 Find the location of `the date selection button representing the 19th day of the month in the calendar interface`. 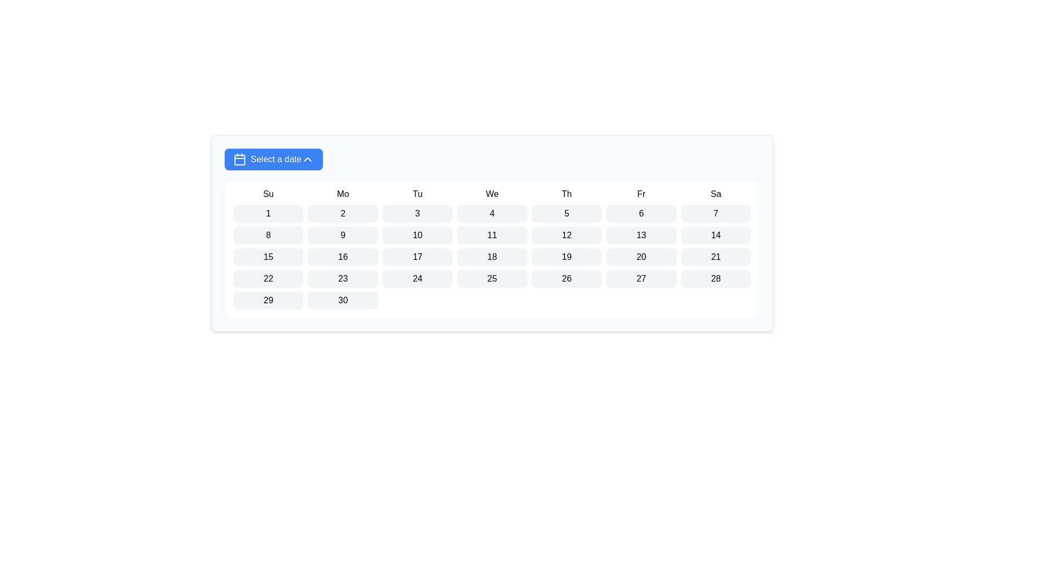

the date selection button representing the 19th day of the month in the calendar interface is located at coordinates (566, 257).